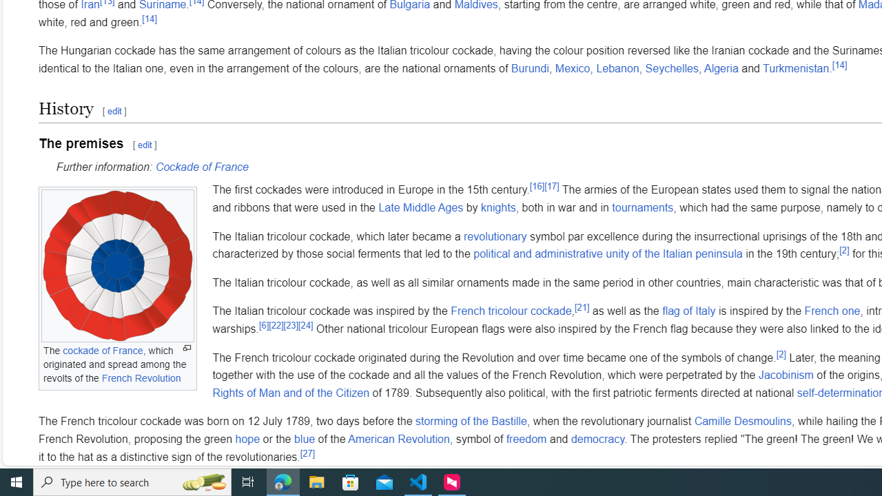 Image resolution: width=882 pixels, height=496 pixels. I want to click on 'Algeria', so click(721, 68).